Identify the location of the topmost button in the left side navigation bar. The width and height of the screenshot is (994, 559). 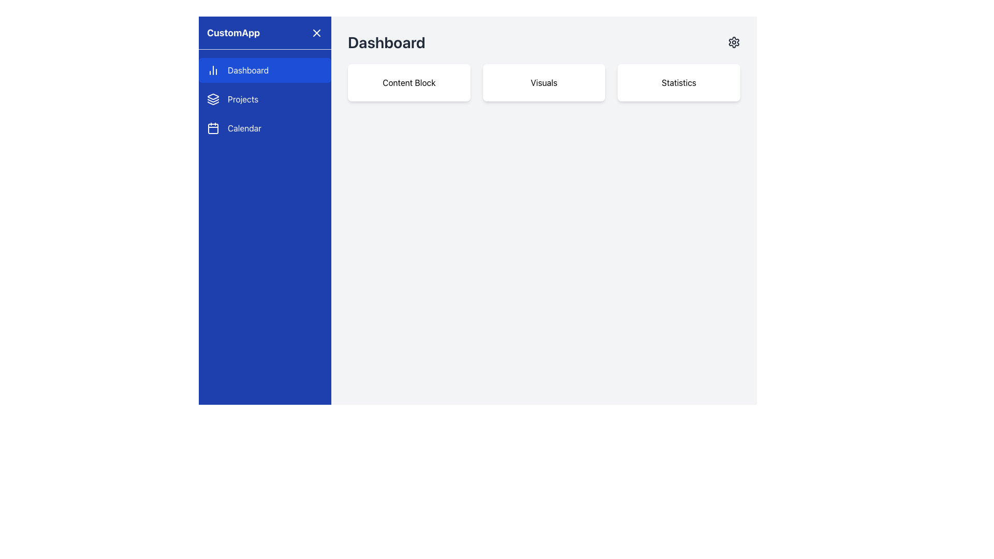
(265, 70).